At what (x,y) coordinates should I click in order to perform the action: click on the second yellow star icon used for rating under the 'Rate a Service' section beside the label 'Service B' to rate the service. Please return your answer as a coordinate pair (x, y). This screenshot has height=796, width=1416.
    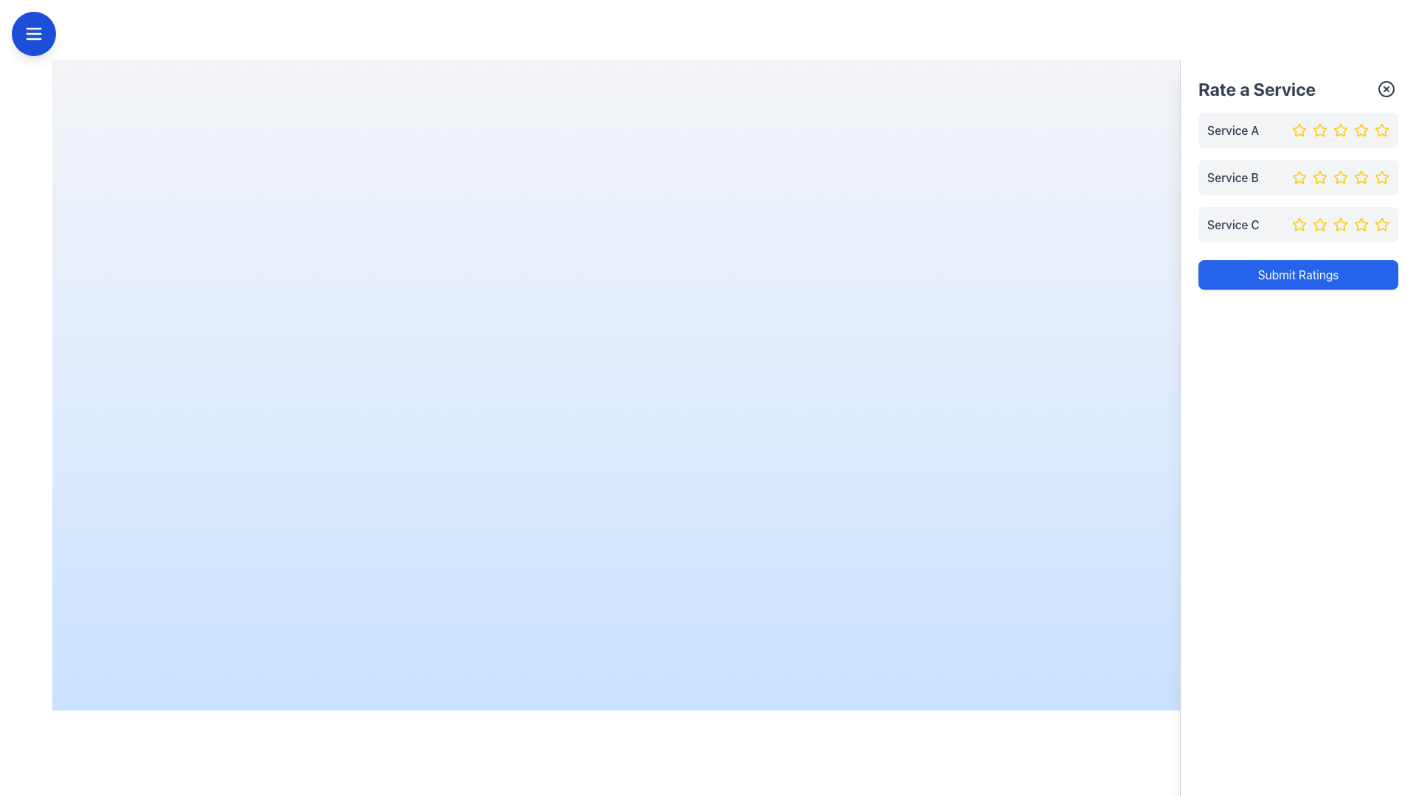
    Looking at the image, I should click on (1320, 176).